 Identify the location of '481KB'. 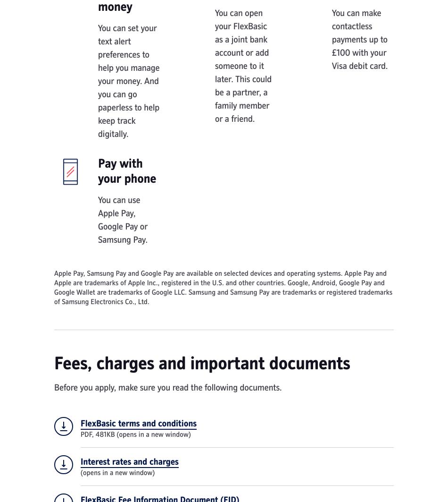
(95, 434).